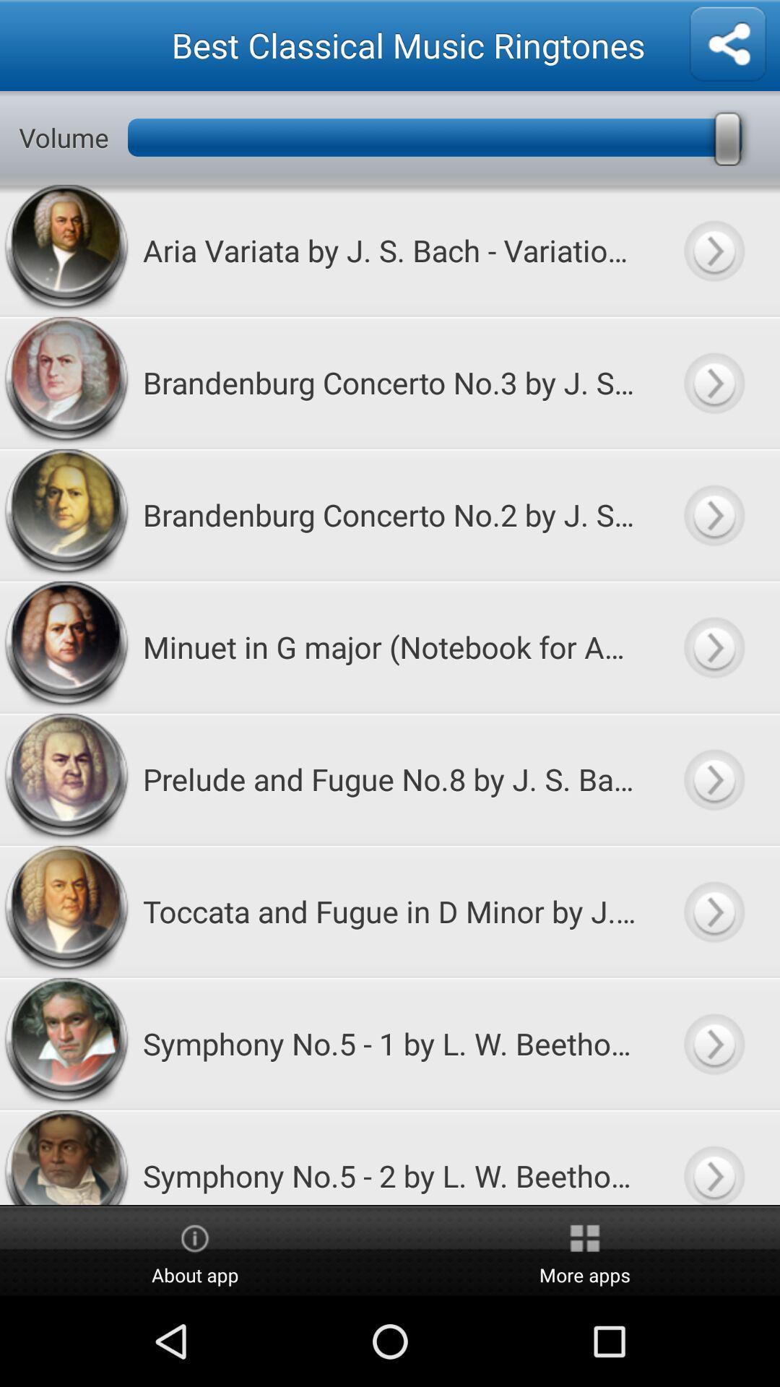  I want to click on next process, so click(713, 382).